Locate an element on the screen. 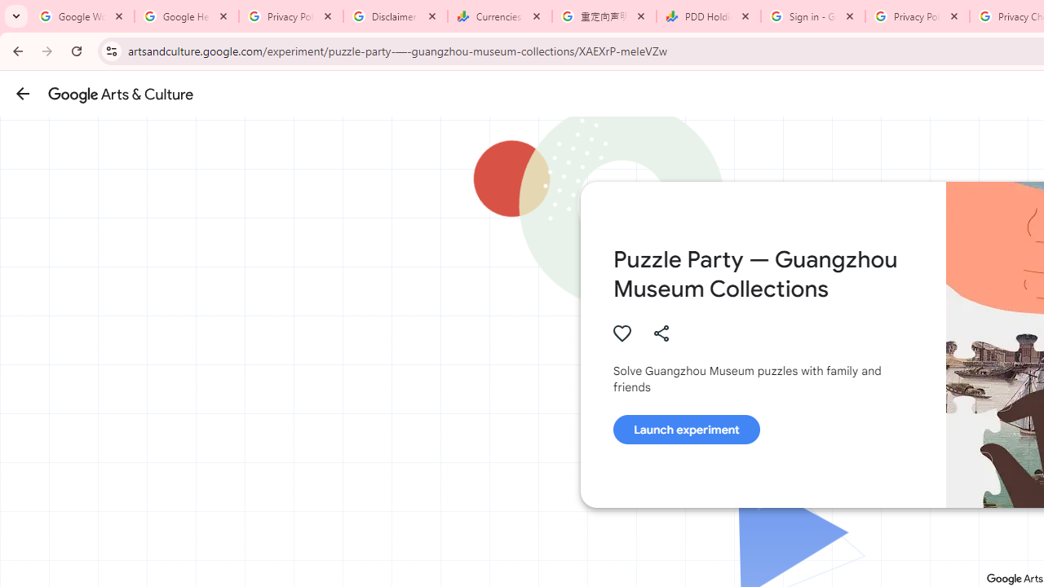 The width and height of the screenshot is (1044, 587). 'Authenticate to favorite this asset.' is located at coordinates (621, 332).